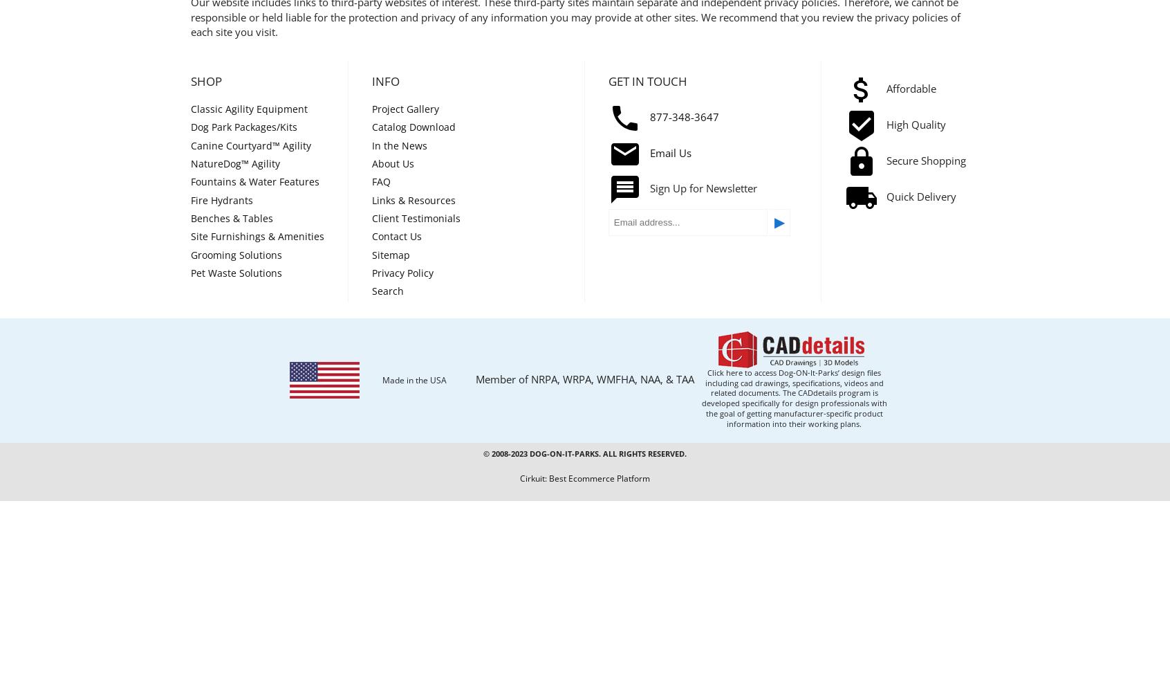 Image resolution: width=1170 pixels, height=692 pixels. I want to click on 'Dog Park Packages/Kits', so click(243, 127).